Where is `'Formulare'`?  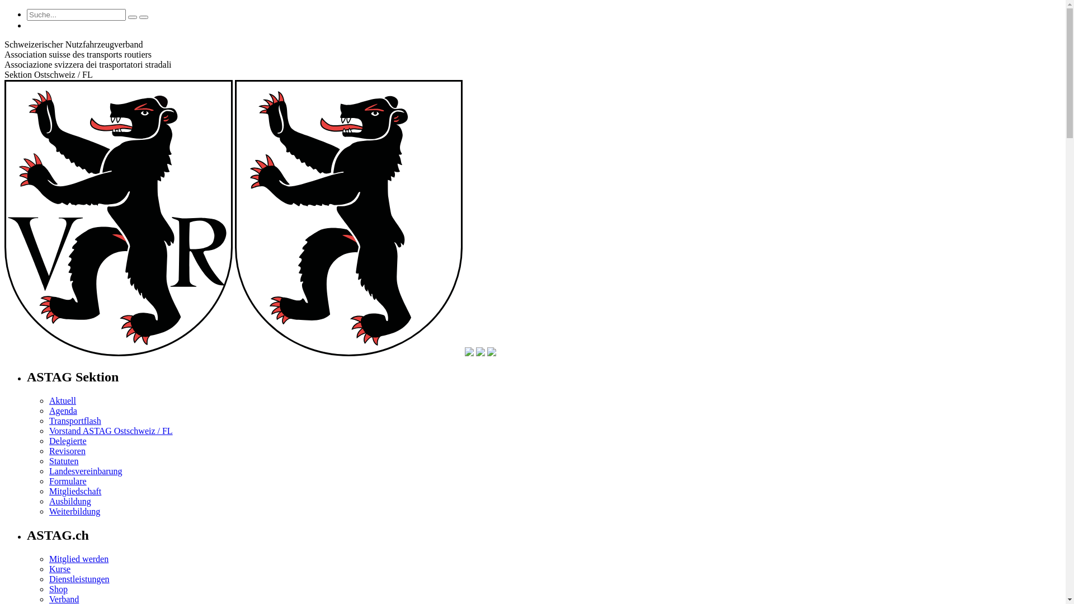
'Formulare' is located at coordinates (67, 480).